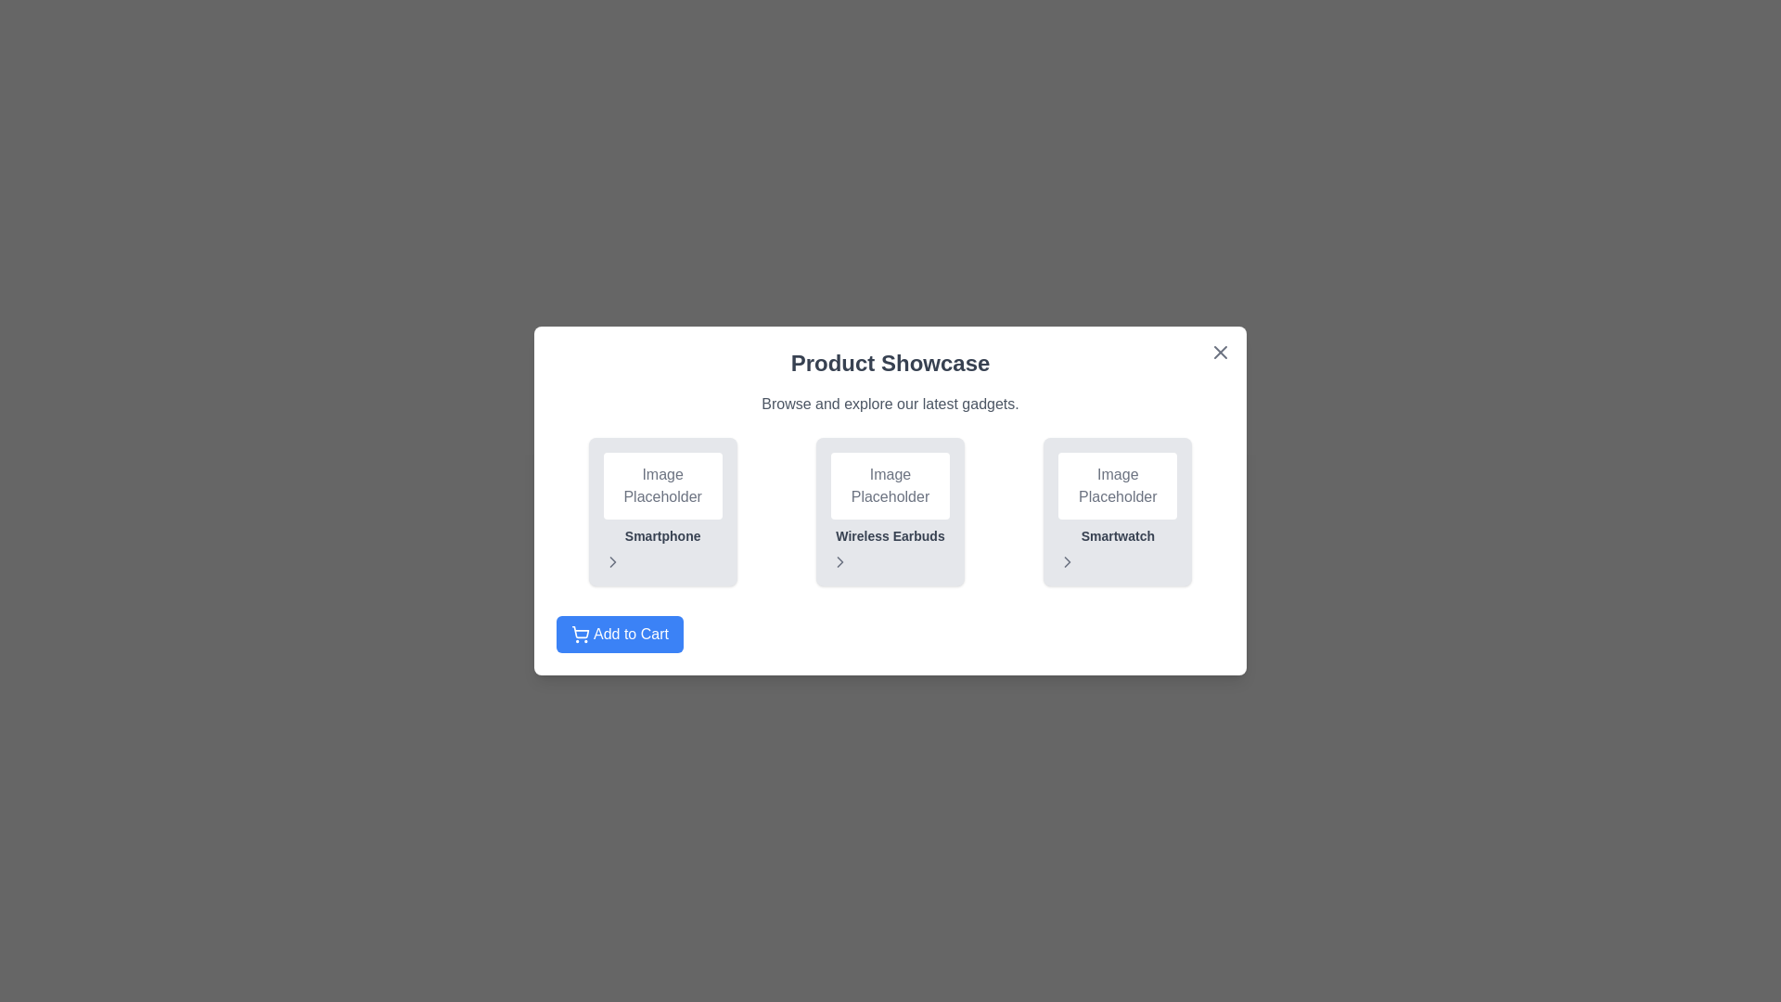 This screenshot has height=1002, width=1781. I want to click on the chevron icon located in the bottom-right corner of the 'Wireless Earbuds' card, so click(839, 560).